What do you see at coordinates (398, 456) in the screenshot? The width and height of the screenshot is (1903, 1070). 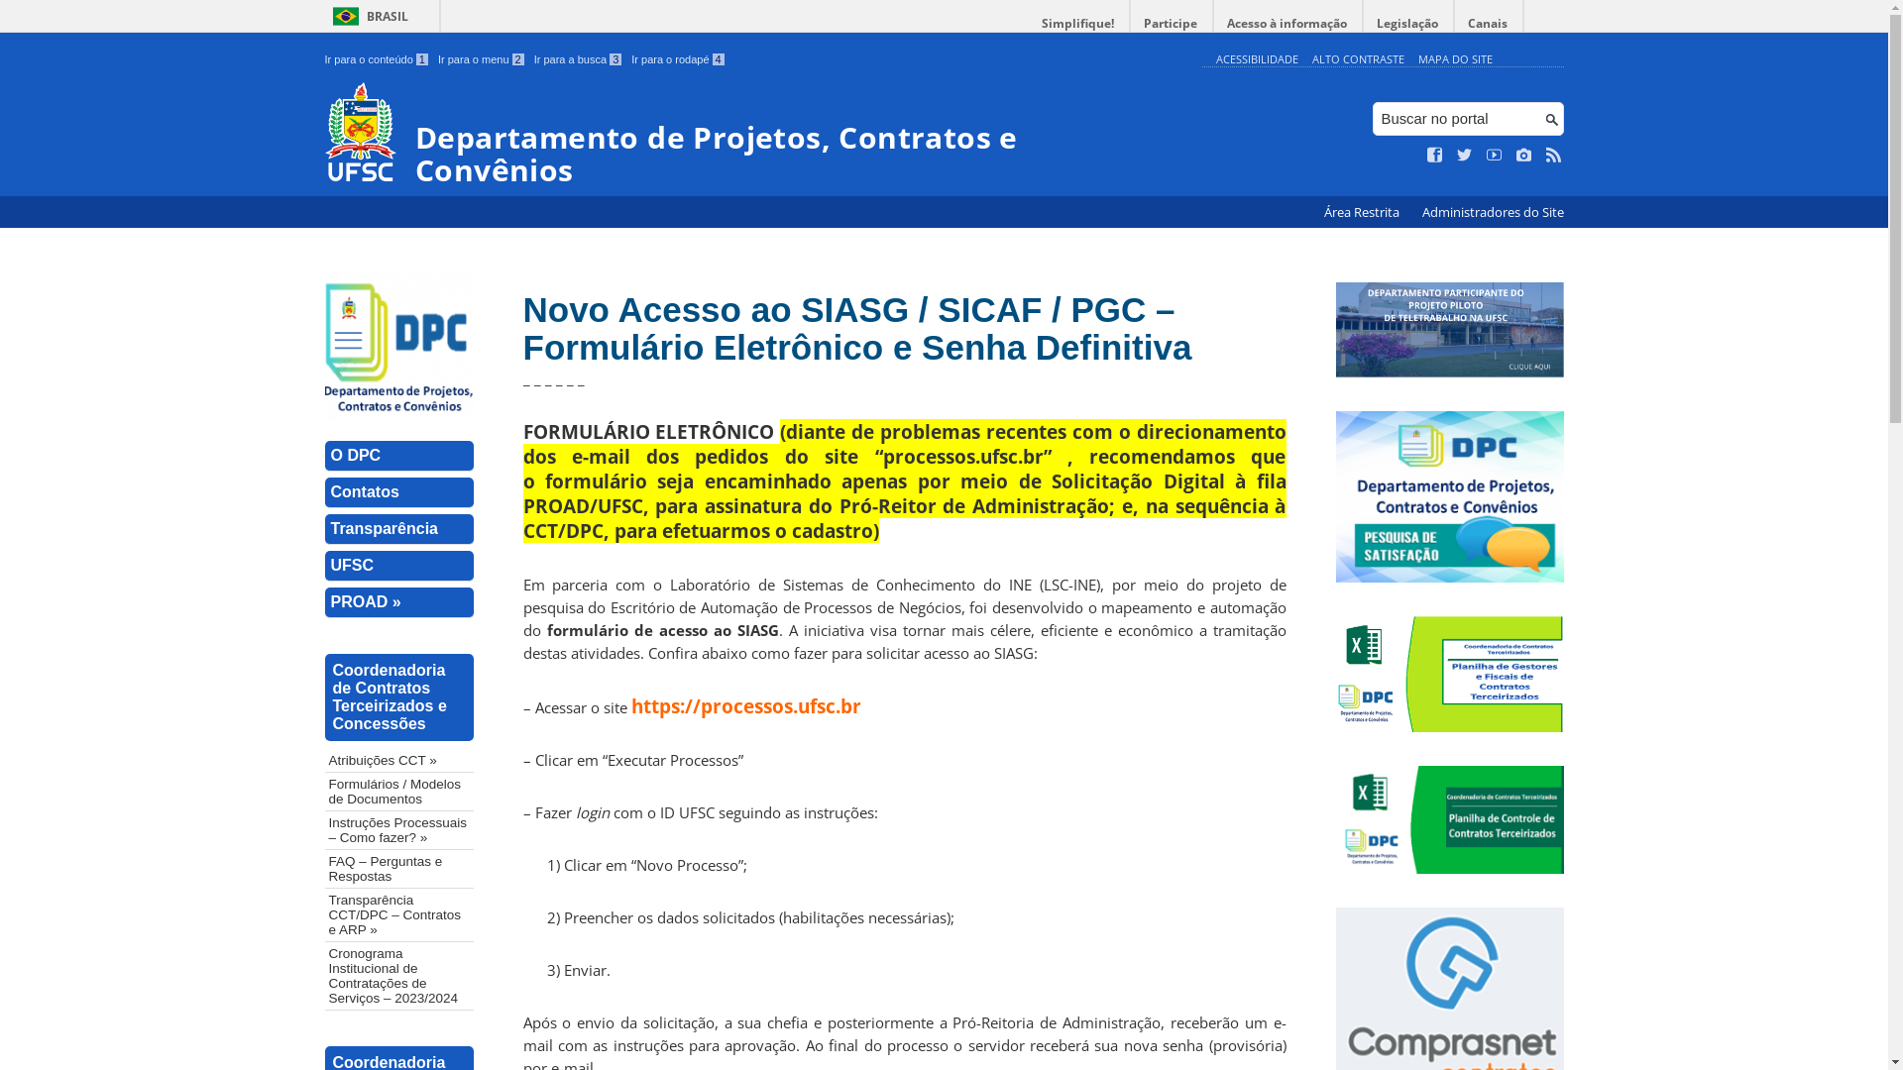 I see `'O DPC'` at bounding box center [398, 456].